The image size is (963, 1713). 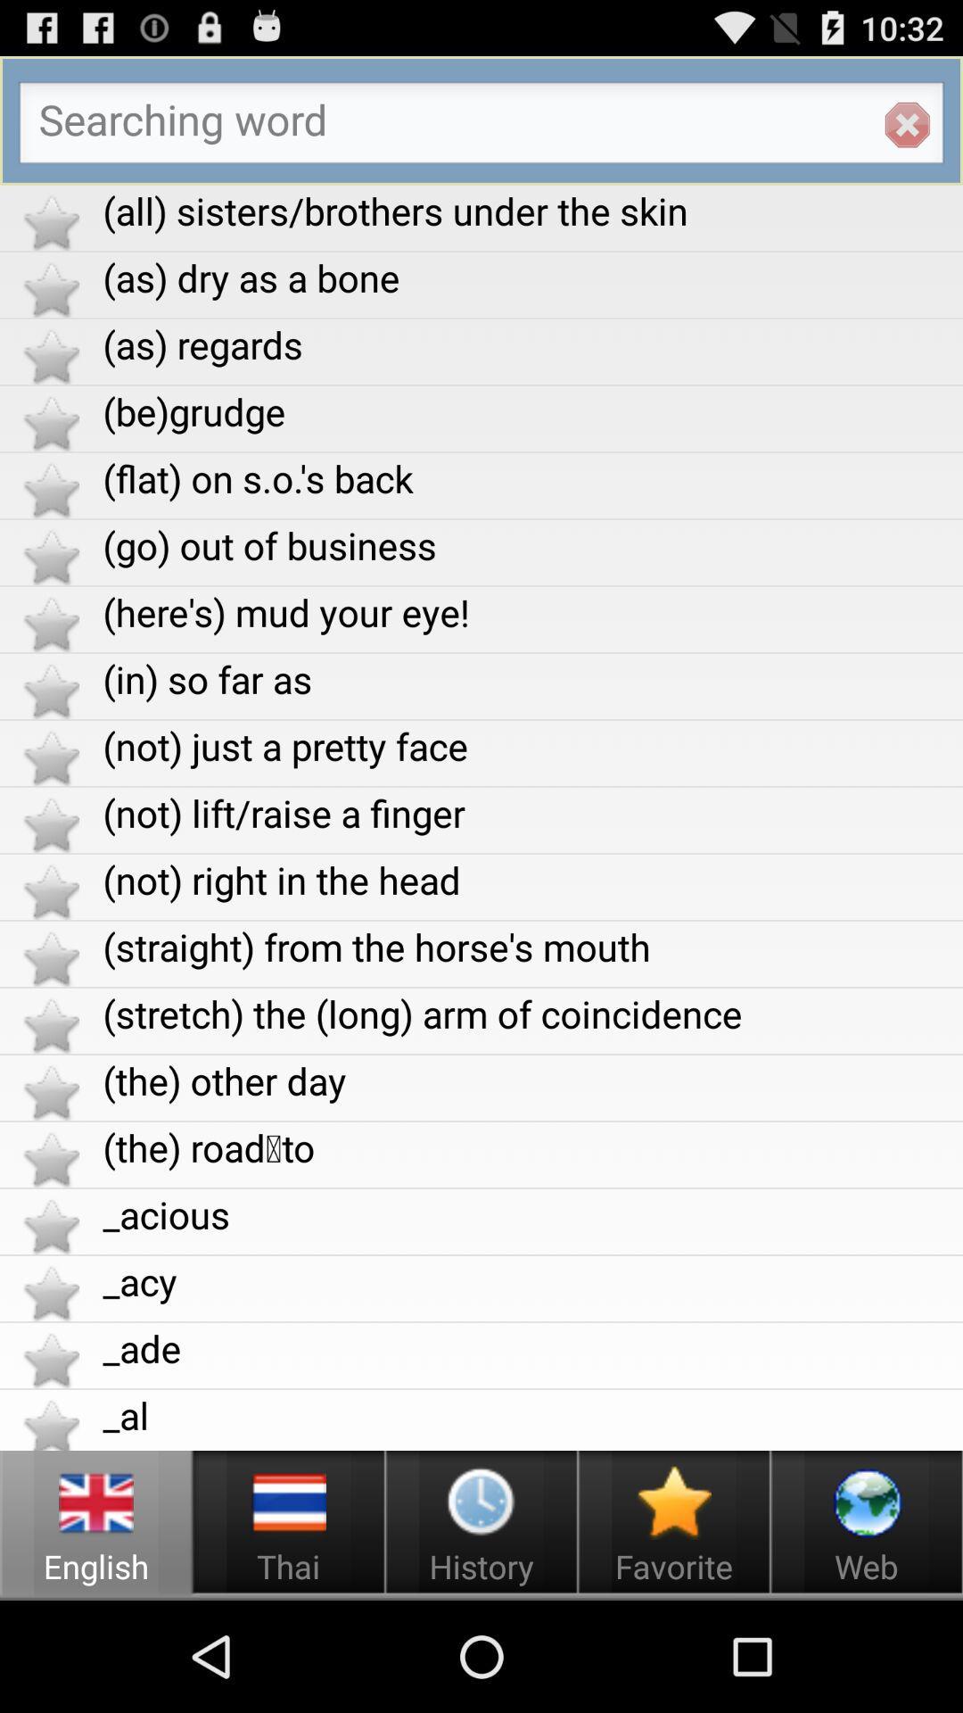 I want to click on search bar, so click(x=481, y=126).